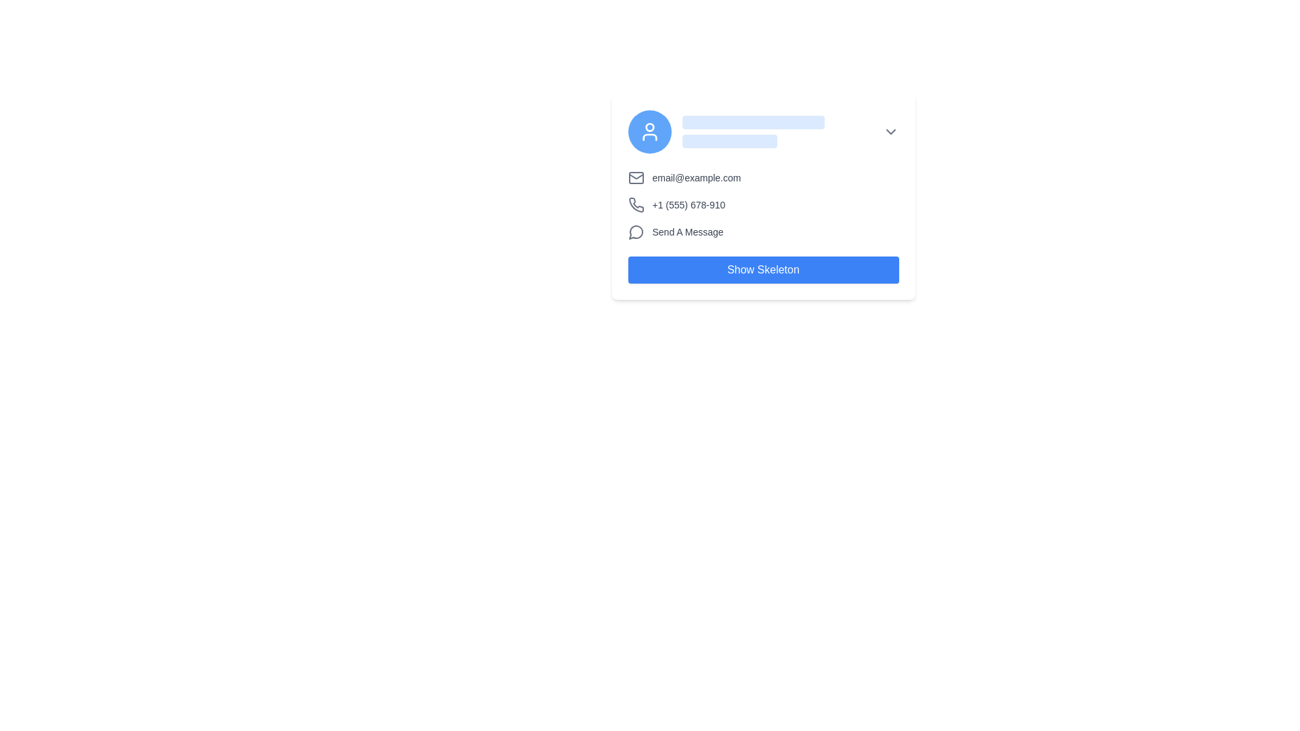 This screenshot has height=731, width=1300. Describe the element at coordinates (763, 269) in the screenshot. I see `the button at the bottom of the card component to observe its hover effect` at that location.